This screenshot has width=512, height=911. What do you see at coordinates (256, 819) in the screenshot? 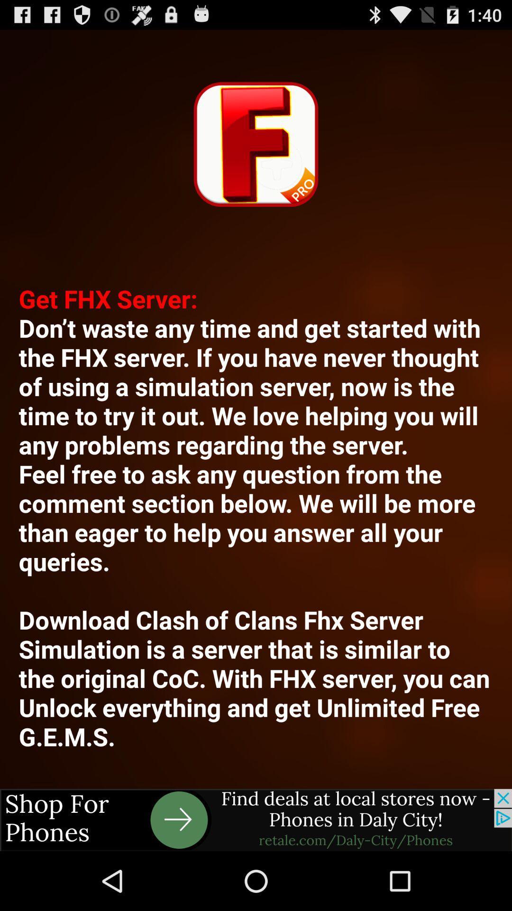
I see `visit sponsor advertisement` at bounding box center [256, 819].